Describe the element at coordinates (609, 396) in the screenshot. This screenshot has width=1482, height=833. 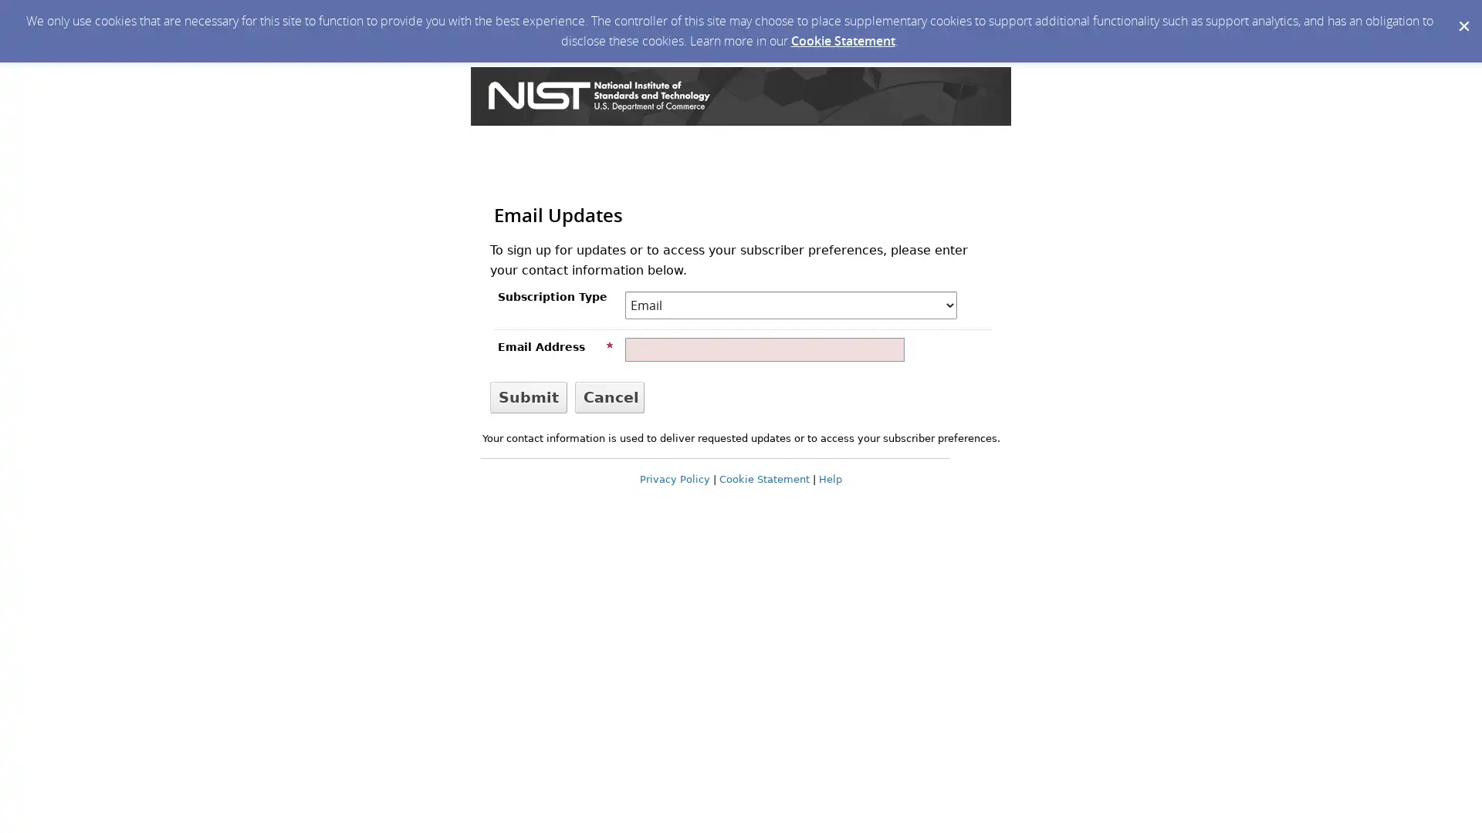
I see `Cancel` at that location.